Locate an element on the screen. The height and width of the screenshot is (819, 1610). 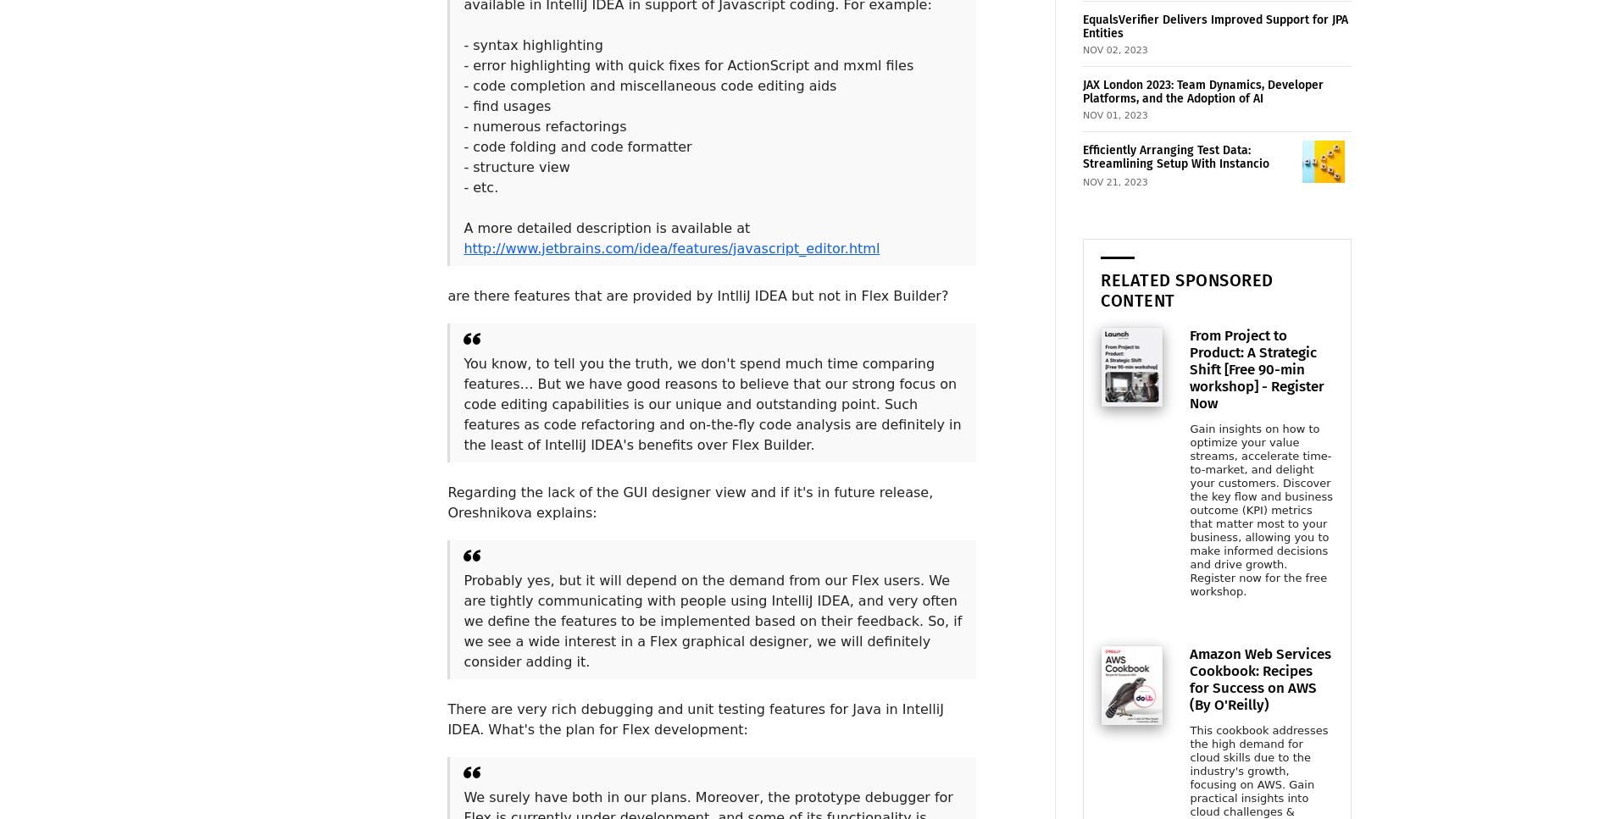
'Nov 02, 2023' is located at coordinates (1113, 49).